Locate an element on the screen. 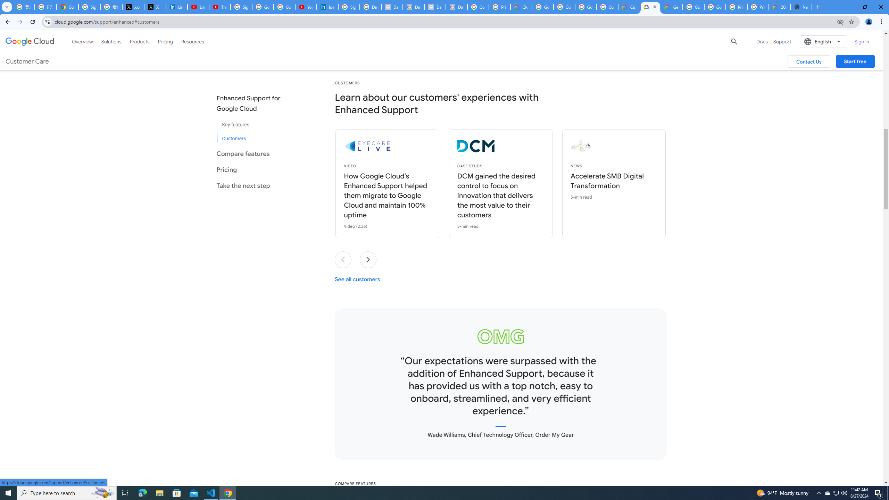  'LinkedIn Privacy Policy' is located at coordinates (176, 7).